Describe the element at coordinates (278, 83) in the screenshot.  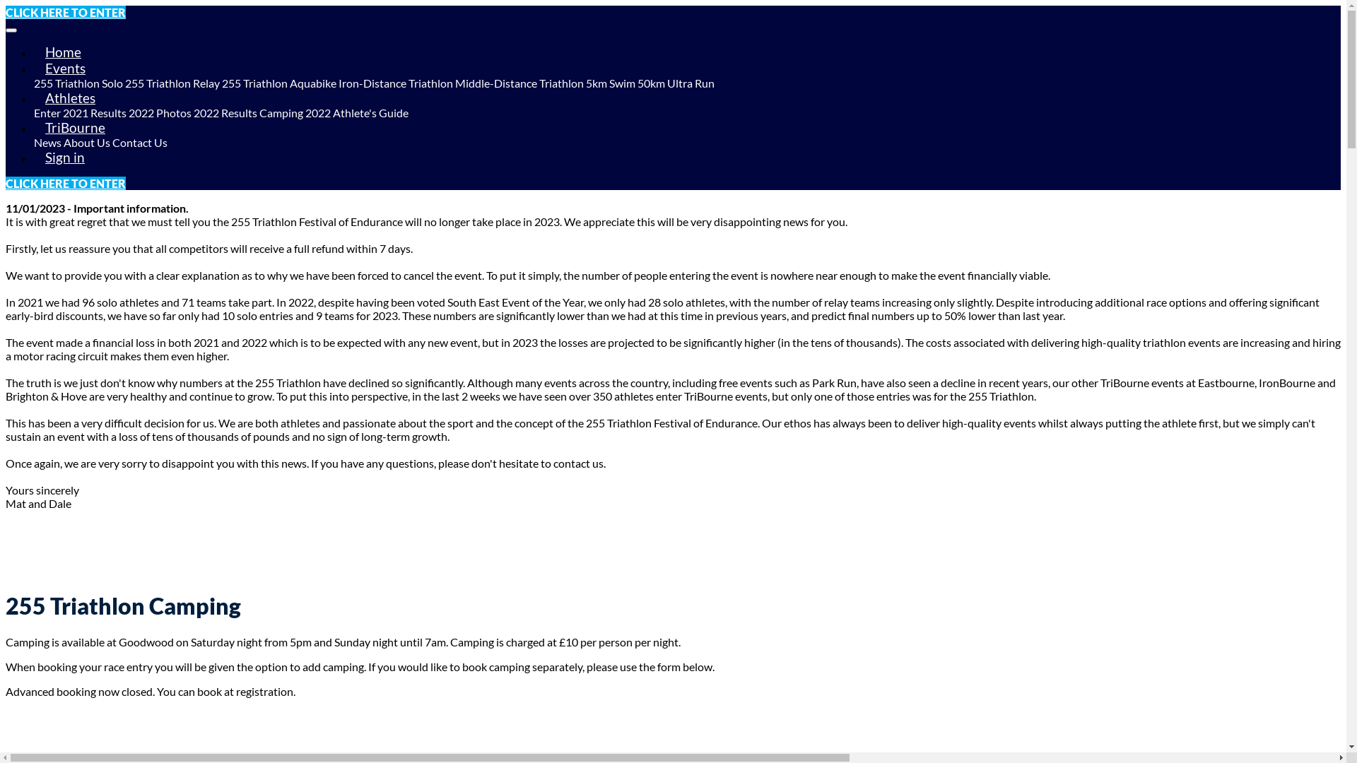
I see `'255 Triathlon Aquabike'` at that location.